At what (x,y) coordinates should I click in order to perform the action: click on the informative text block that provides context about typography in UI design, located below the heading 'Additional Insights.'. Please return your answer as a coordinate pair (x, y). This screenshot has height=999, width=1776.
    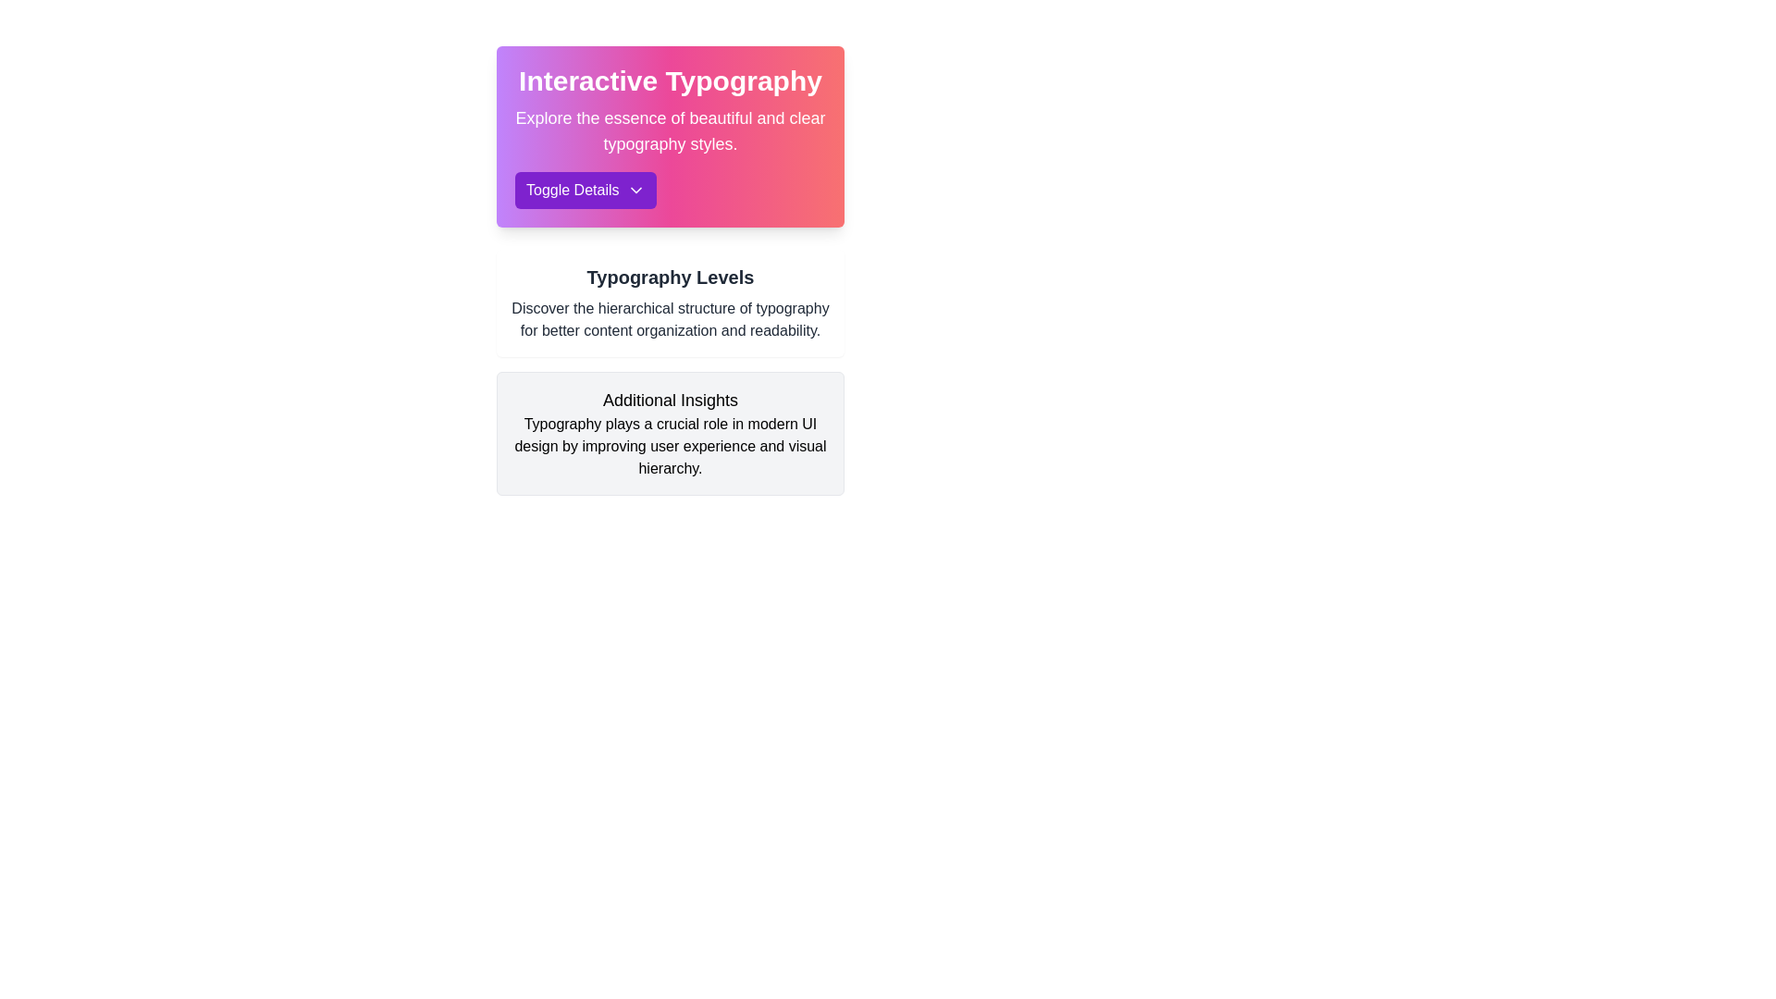
    Looking at the image, I should click on (669, 446).